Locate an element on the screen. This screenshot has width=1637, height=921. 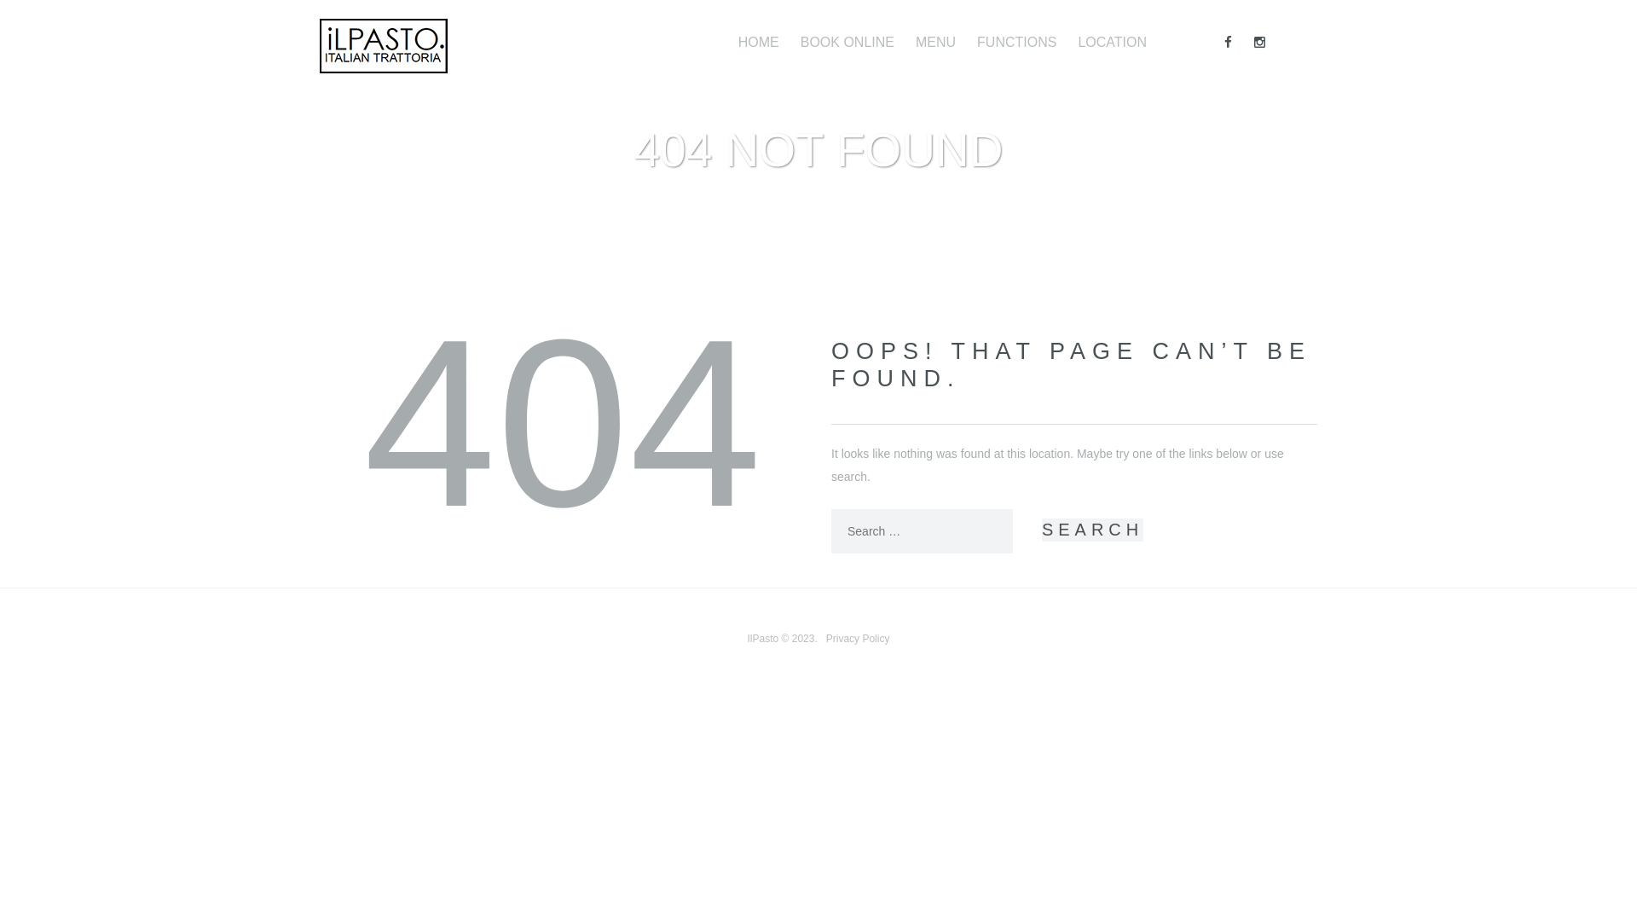
'Privacy Policy' is located at coordinates (858, 638).